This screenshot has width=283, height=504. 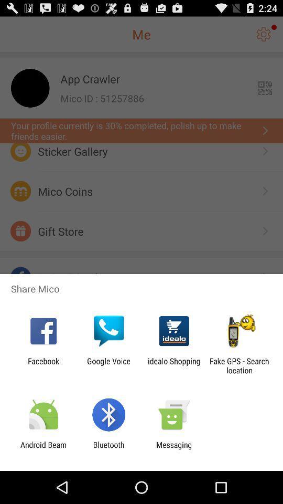 What do you see at coordinates (43, 449) in the screenshot?
I see `android beam icon` at bounding box center [43, 449].